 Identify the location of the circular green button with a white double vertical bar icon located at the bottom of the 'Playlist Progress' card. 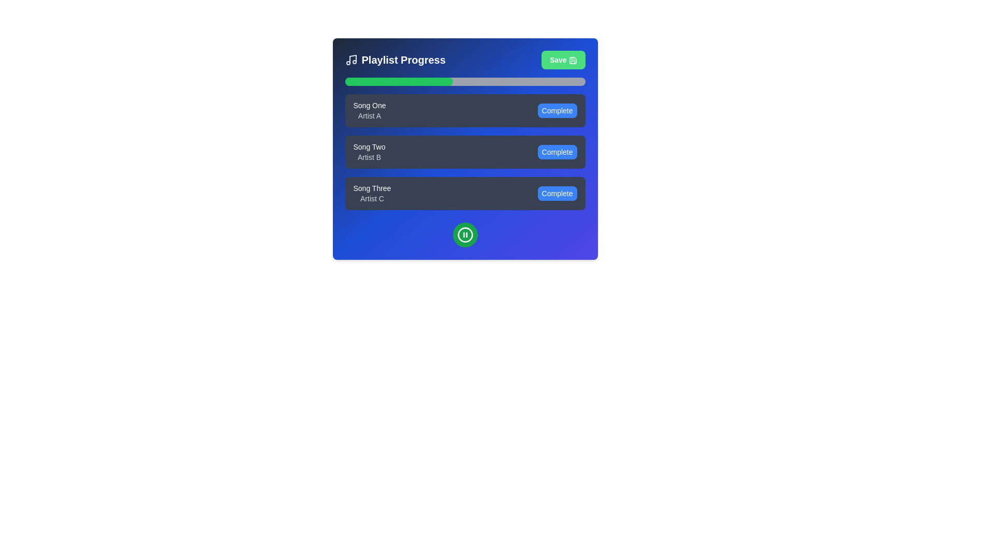
(464, 235).